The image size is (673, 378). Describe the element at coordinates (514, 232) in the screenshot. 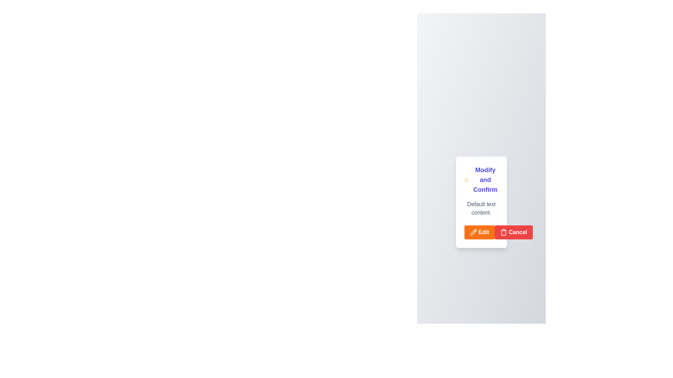

I see `the cancel button located at the bottom of the card layout` at that location.